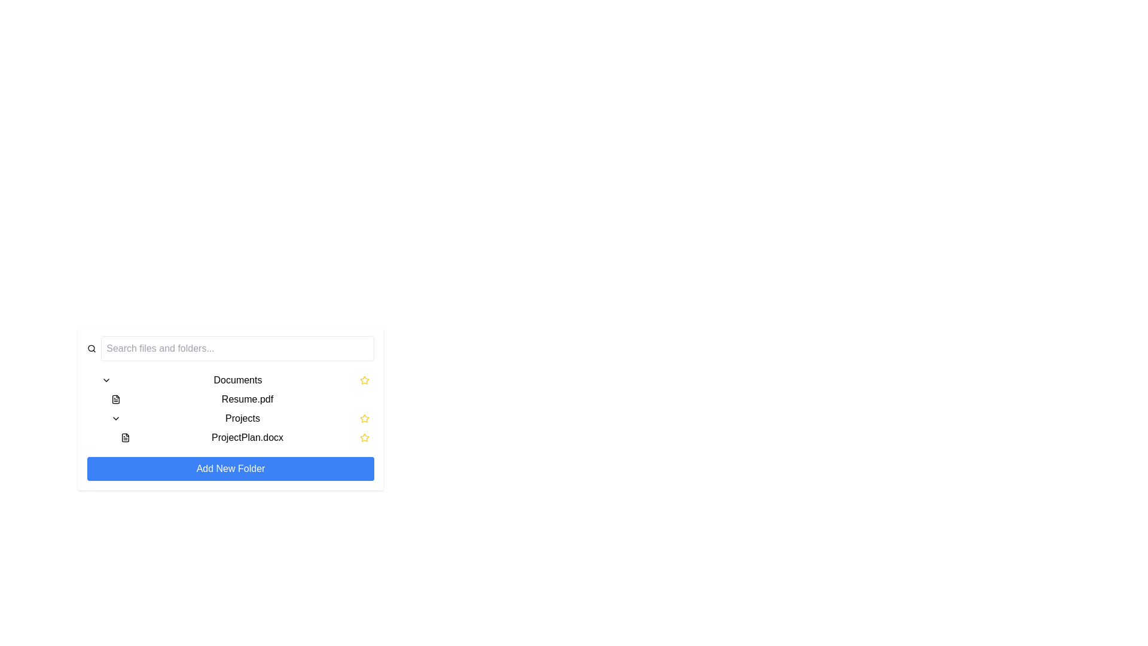 The height and width of the screenshot is (646, 1148). Describe the element at coordinates (230, 408) in the screenshot. I see `the text within the File Explorer Section` at that location.